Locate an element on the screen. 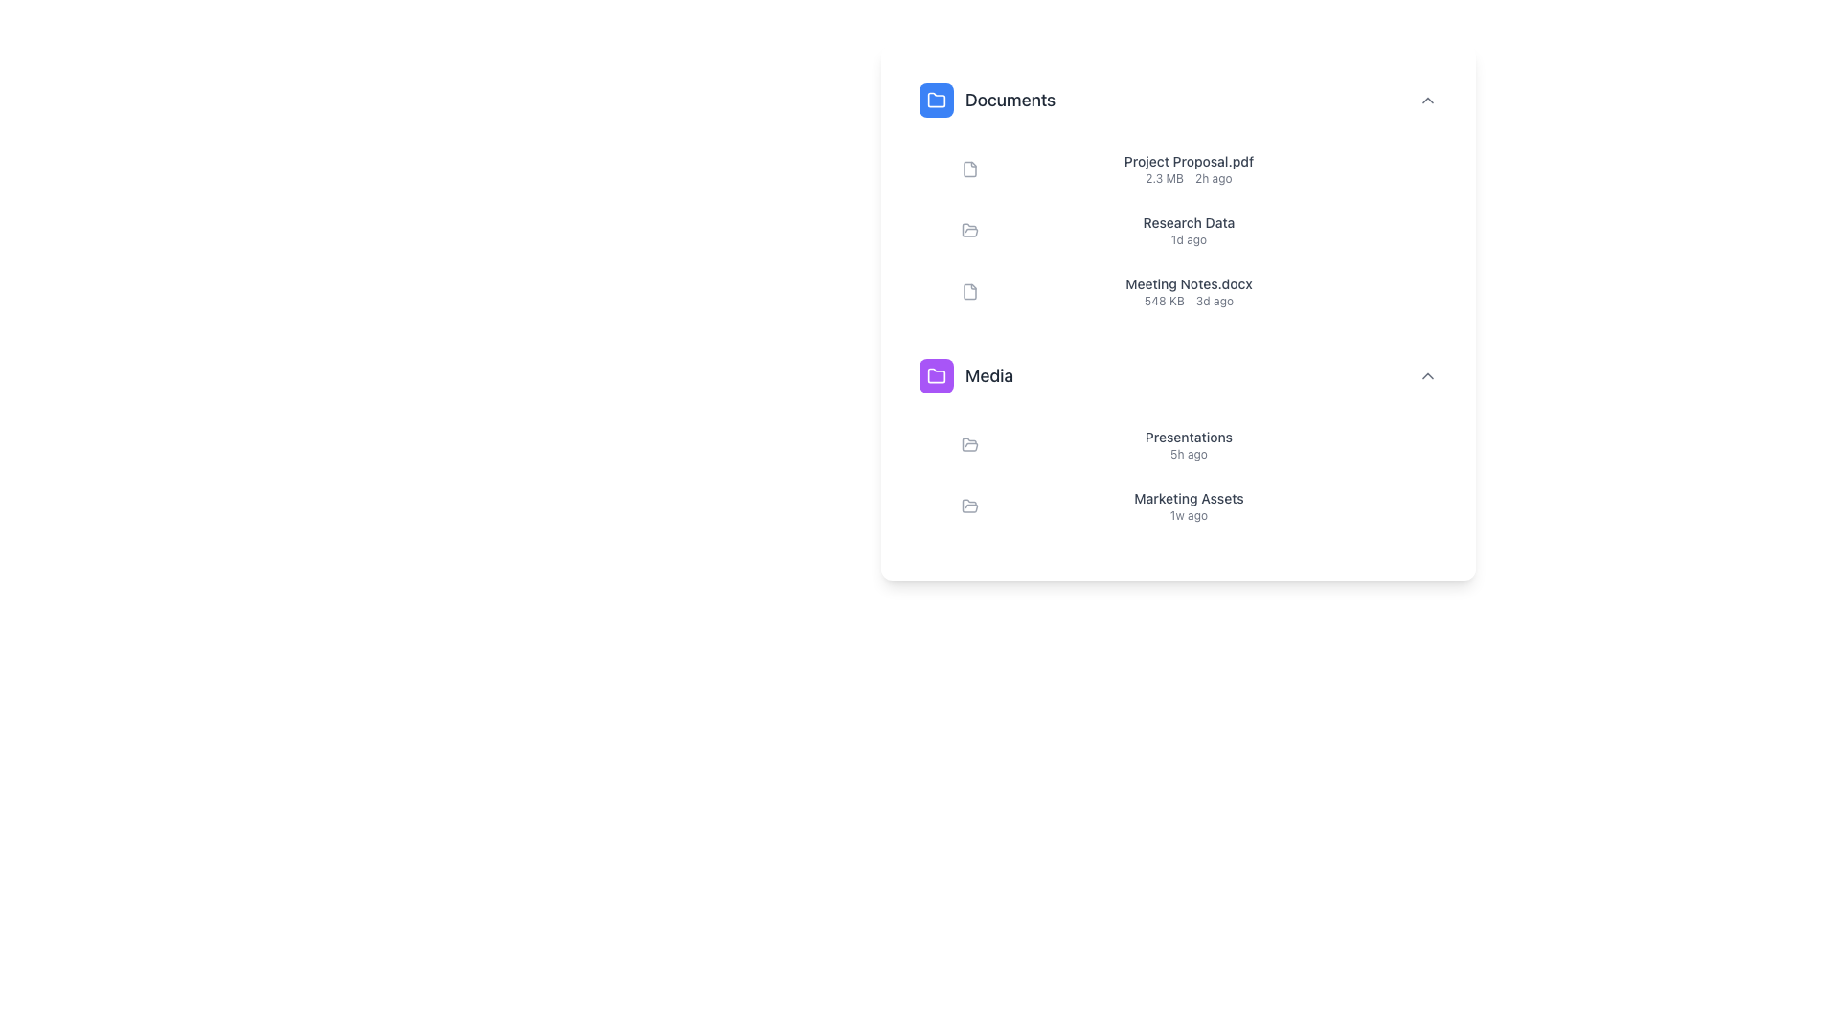 Image resolution: width=1839 pixels, height=1034 pixels. the small gray folder icon located to the left of the text 'Presentations' in the 'Media' category list is located at coordinates (969, 445).